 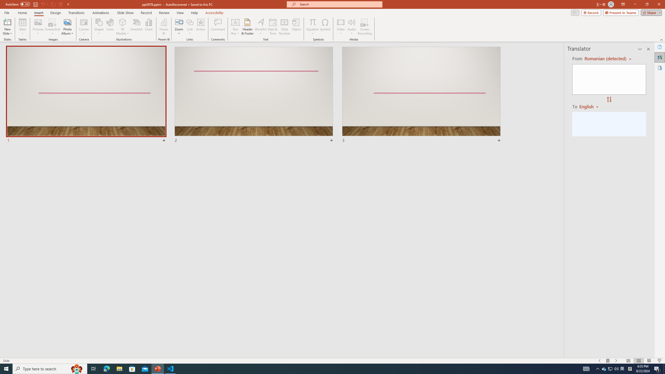 I want to click on 'Icons', so click(x=110, y=27).